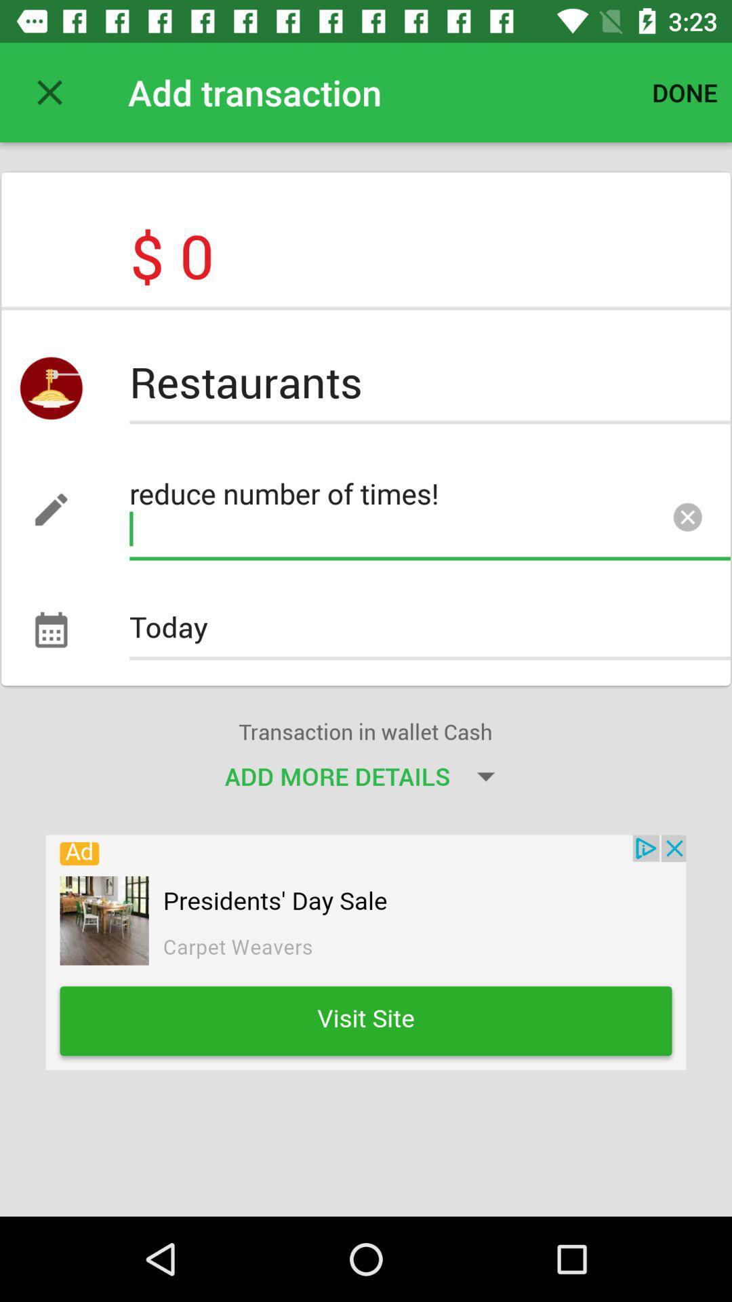 The width and height of the screenshot is (732, 1302). Describe the element at coordinates (366, 951) in the screenshot. I see `visite option` at that location.